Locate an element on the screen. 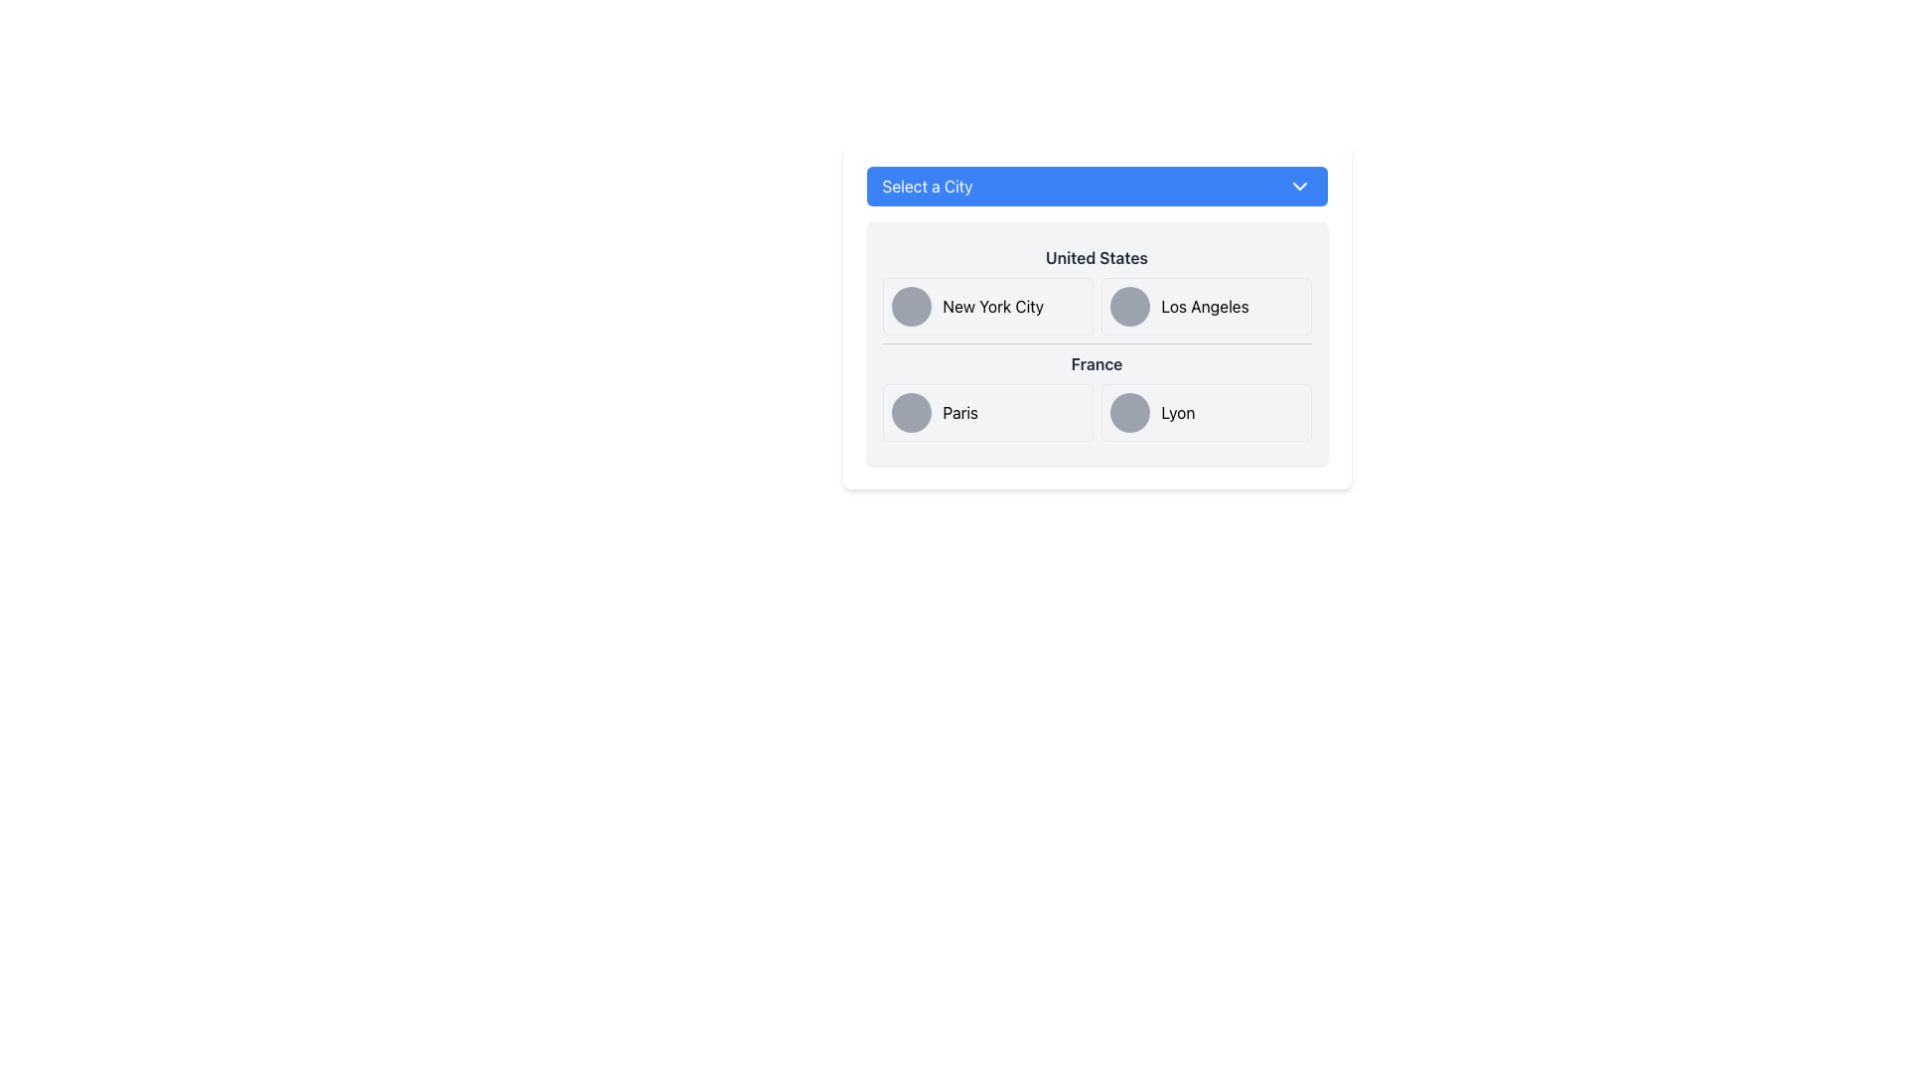 Image resolution: width=1907 pixels, height=1072 pixels. the 'Lyon' button in the 'Select a City' dropdown menu is located at coordinates (1205, 412).